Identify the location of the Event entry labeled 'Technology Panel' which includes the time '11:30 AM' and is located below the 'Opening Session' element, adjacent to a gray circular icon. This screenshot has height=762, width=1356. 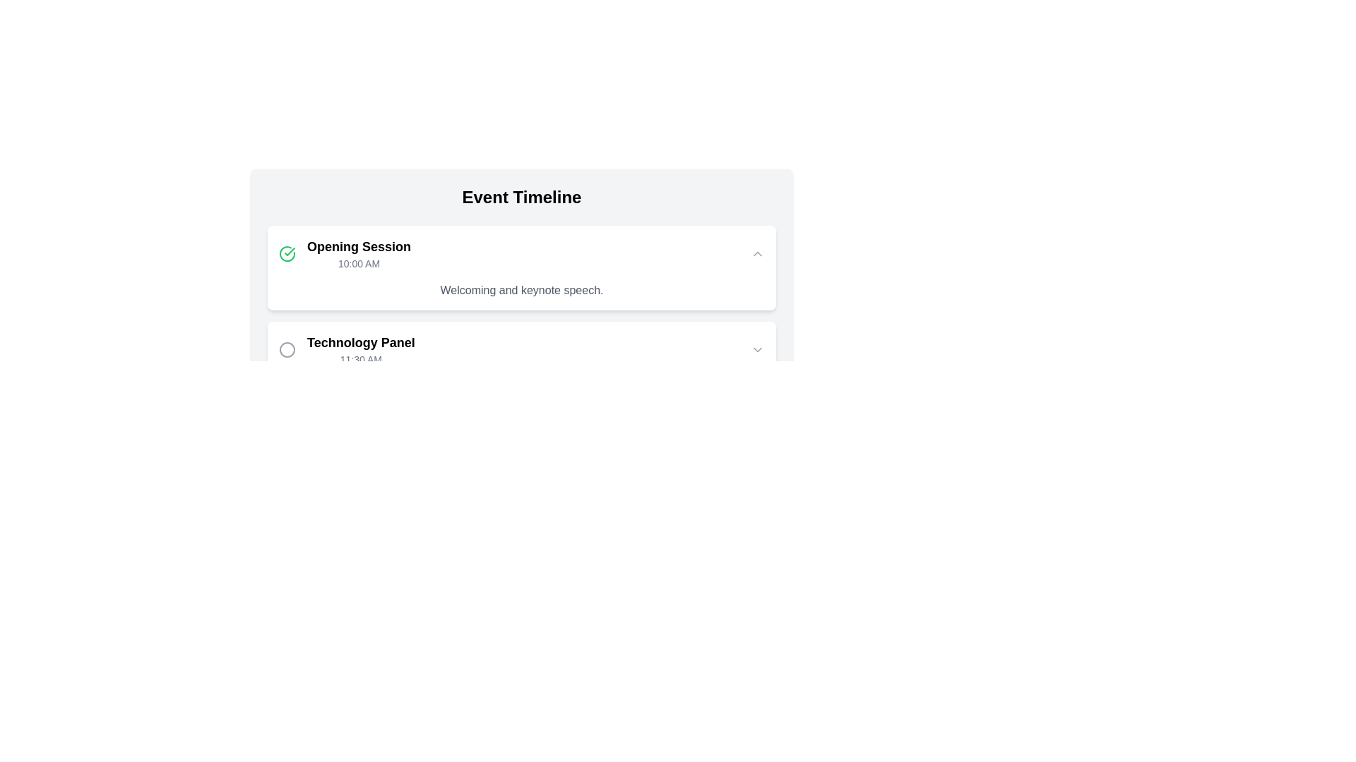
(347, 349).